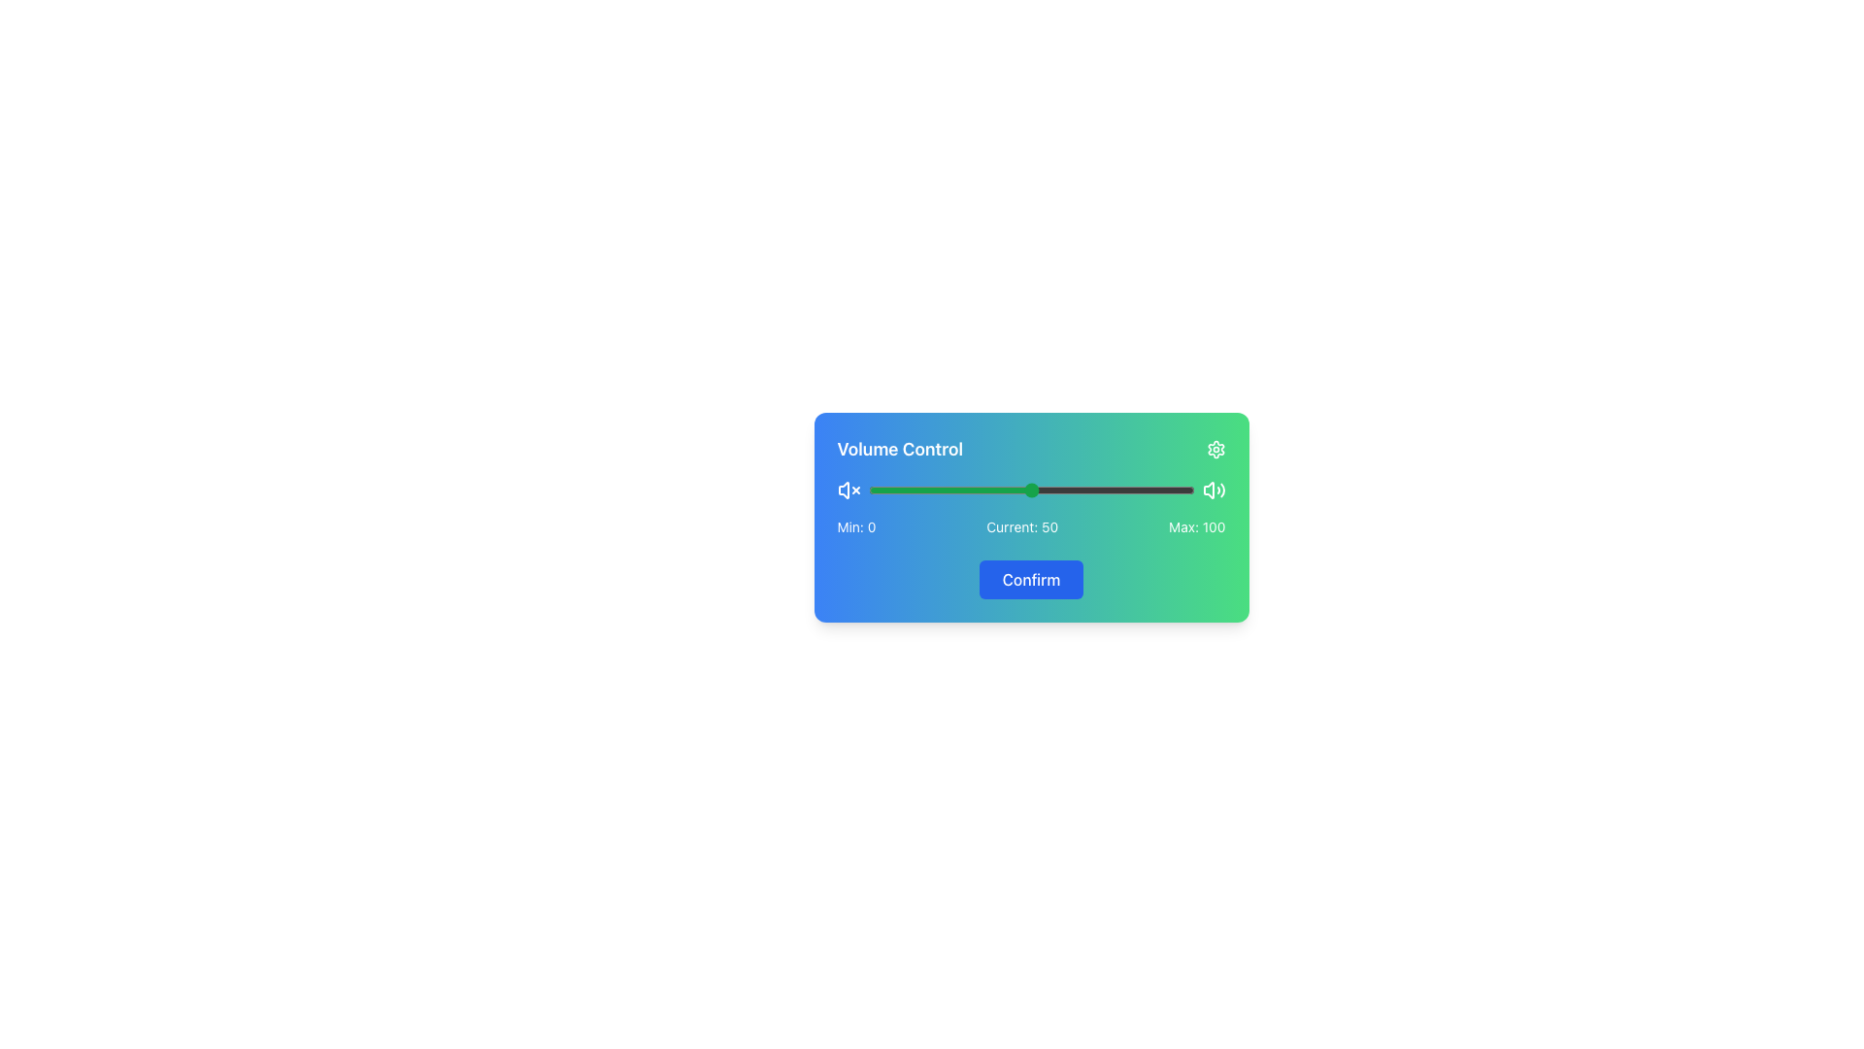 The height and width of the screenshot is (1049, 1864). I want to click on the volume, so click(1151, 490).